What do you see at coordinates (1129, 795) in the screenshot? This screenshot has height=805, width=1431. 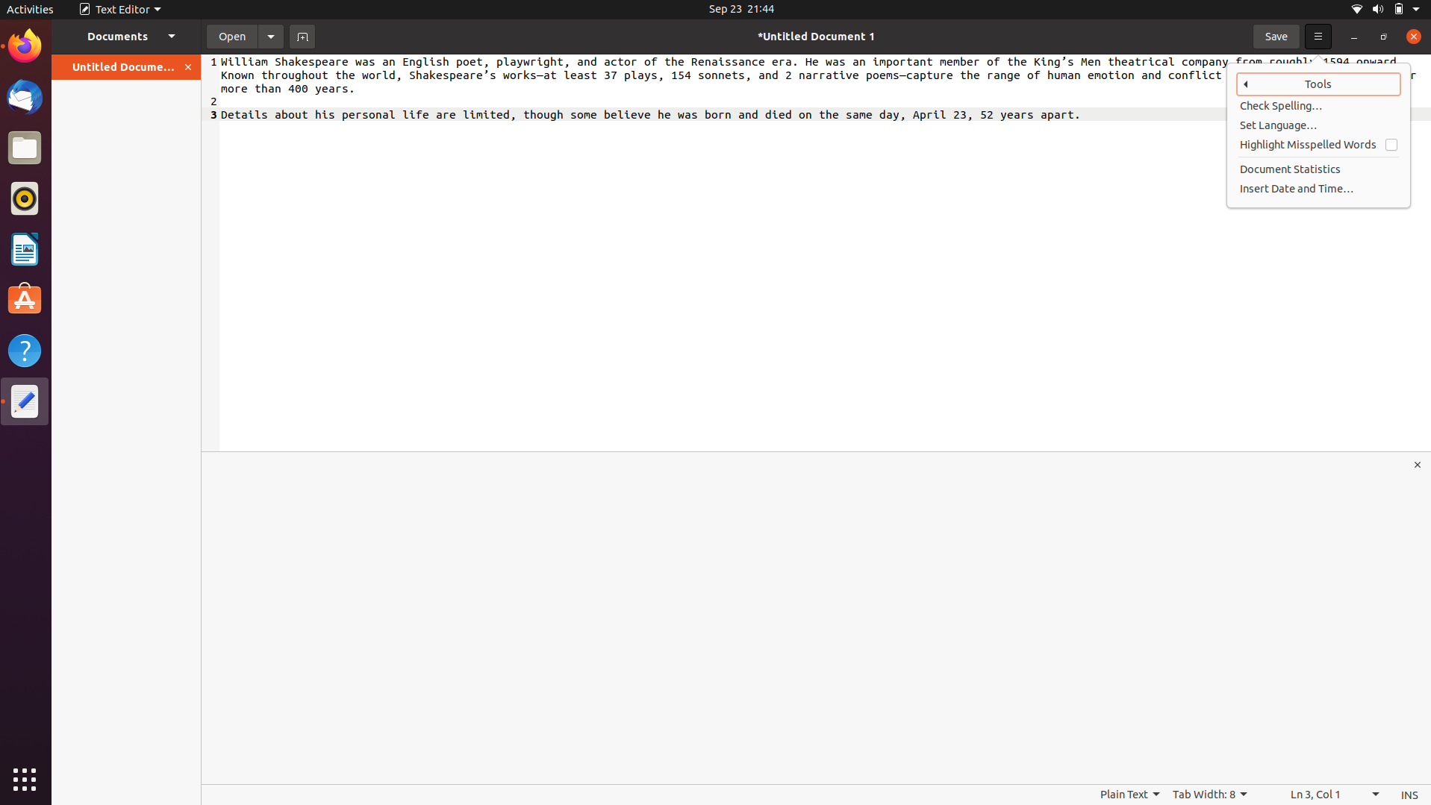 I see `Inspect different options besides basic text` at bounding box center [1129, 795].